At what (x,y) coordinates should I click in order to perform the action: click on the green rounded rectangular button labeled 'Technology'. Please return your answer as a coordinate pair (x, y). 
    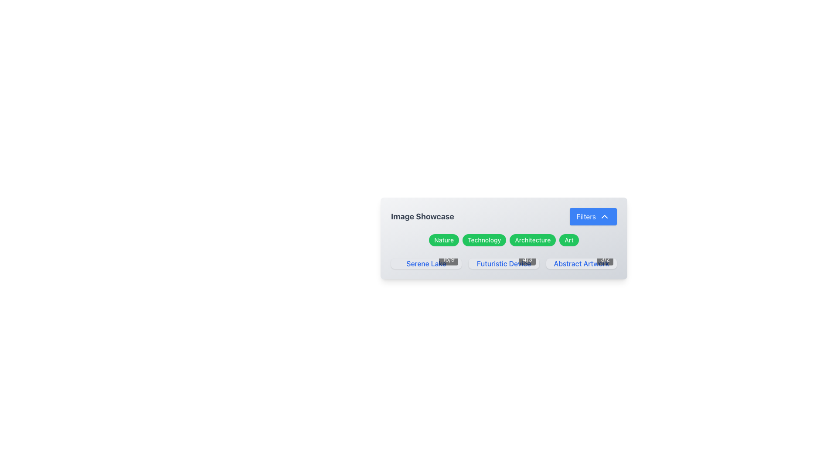
    Looking at the image, I should click on (484, 240).